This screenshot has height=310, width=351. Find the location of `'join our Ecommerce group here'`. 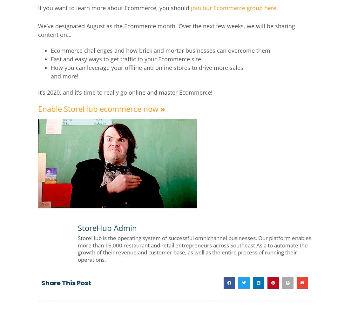

'join our Ecommerce group here' is located at coordinates (191, 8).